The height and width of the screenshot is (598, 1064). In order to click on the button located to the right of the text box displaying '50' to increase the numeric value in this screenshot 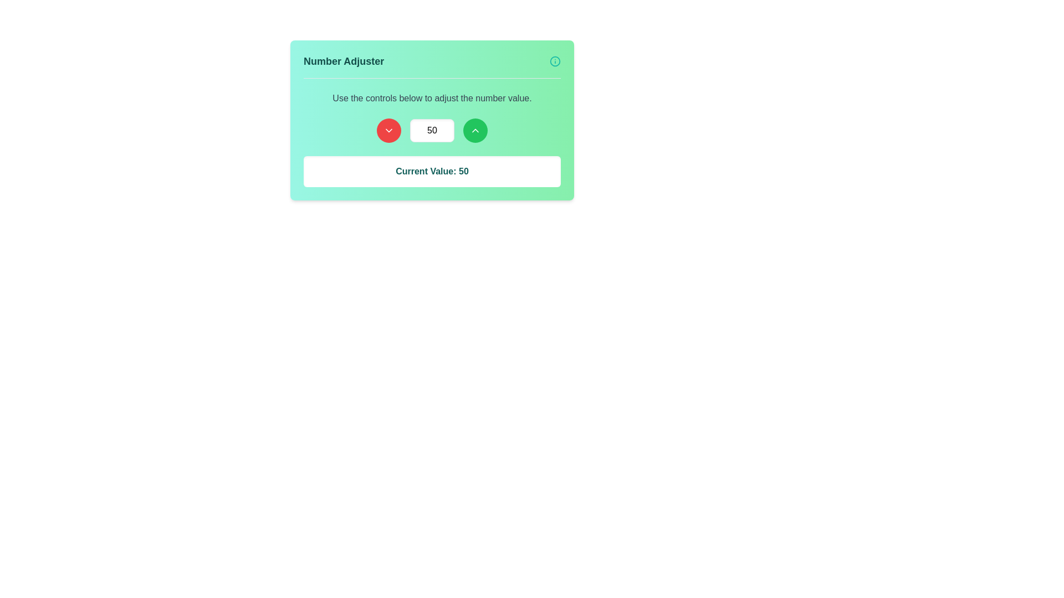, I will do `click(475, 130)`.